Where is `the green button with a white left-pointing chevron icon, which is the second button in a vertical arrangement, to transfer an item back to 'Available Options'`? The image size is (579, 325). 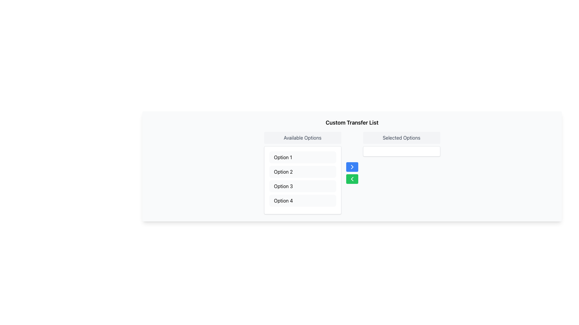 the green button with a white left-pointing chevron icon, which is the second button in a vertical arrangement, to transfer an item back to 'Available Options' is located at coordinates (352, 178).